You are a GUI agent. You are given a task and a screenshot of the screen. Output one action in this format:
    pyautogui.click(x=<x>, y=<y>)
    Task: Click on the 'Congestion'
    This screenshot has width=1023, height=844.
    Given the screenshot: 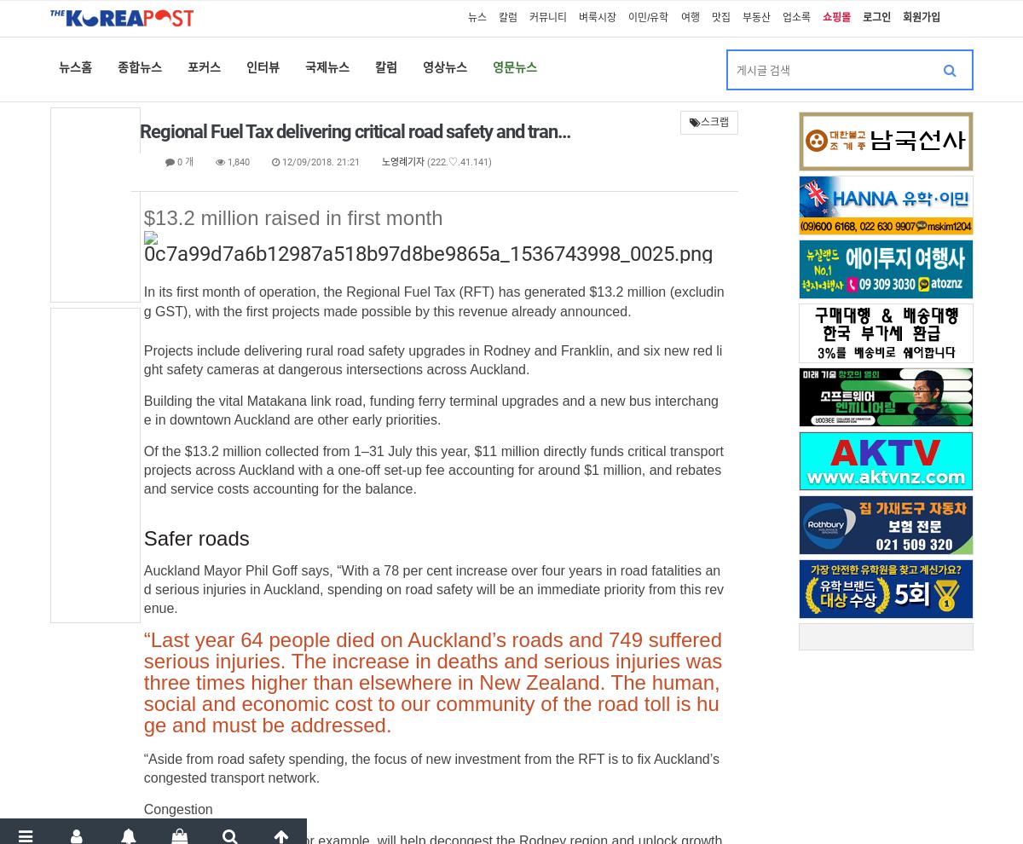 What is the action you would take?
    pyautogui.click(x=176, y=809)
    